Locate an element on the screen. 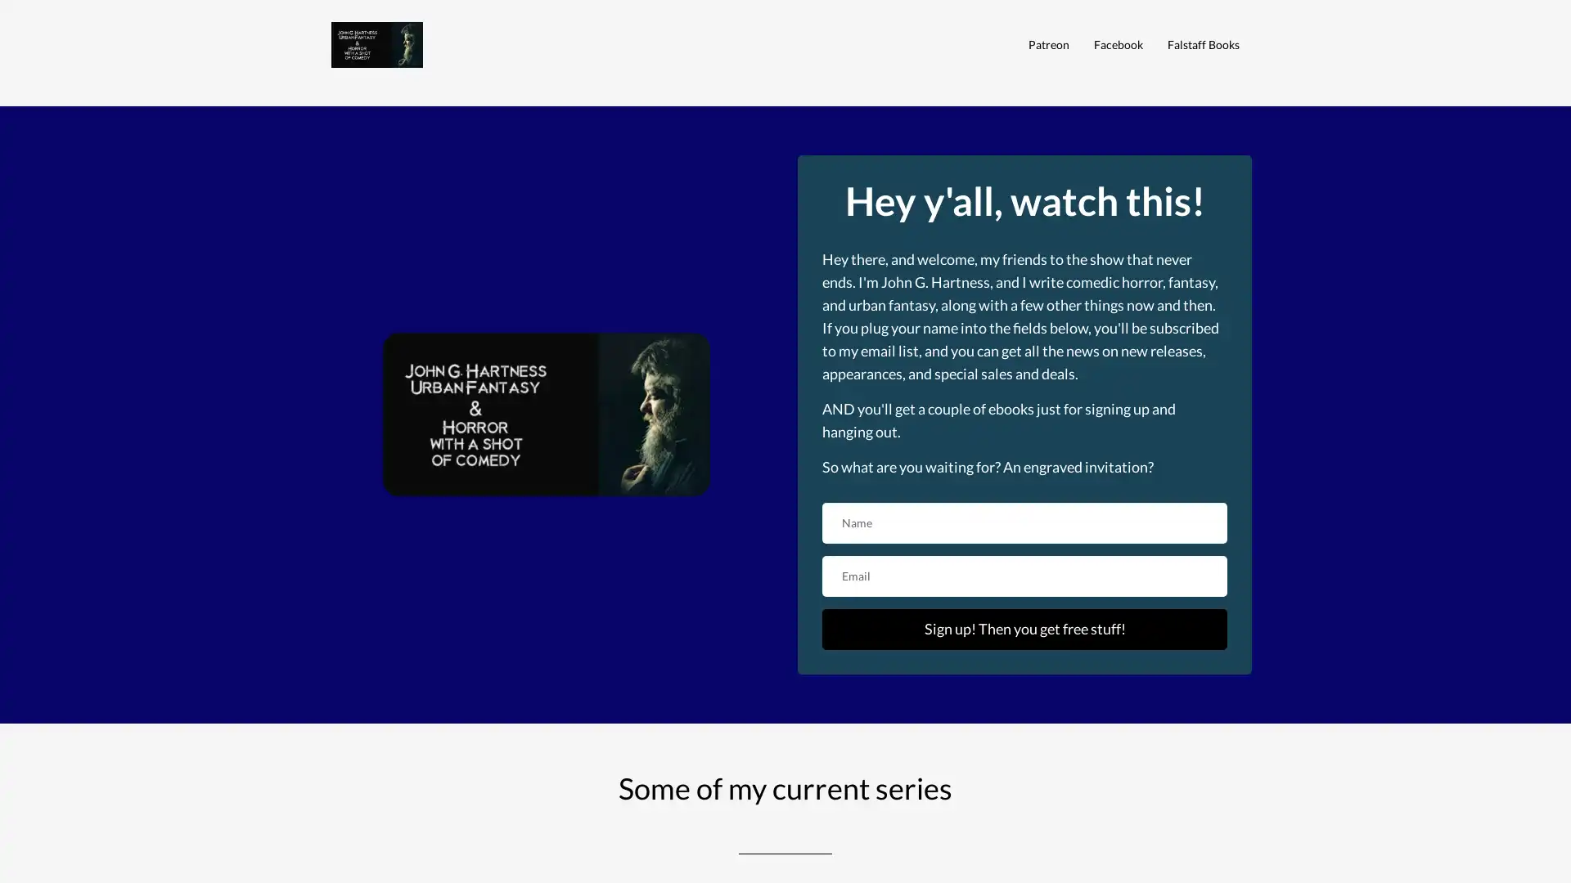  Sign up! Then you get free stuff! is located at coordinates (1024, 627).